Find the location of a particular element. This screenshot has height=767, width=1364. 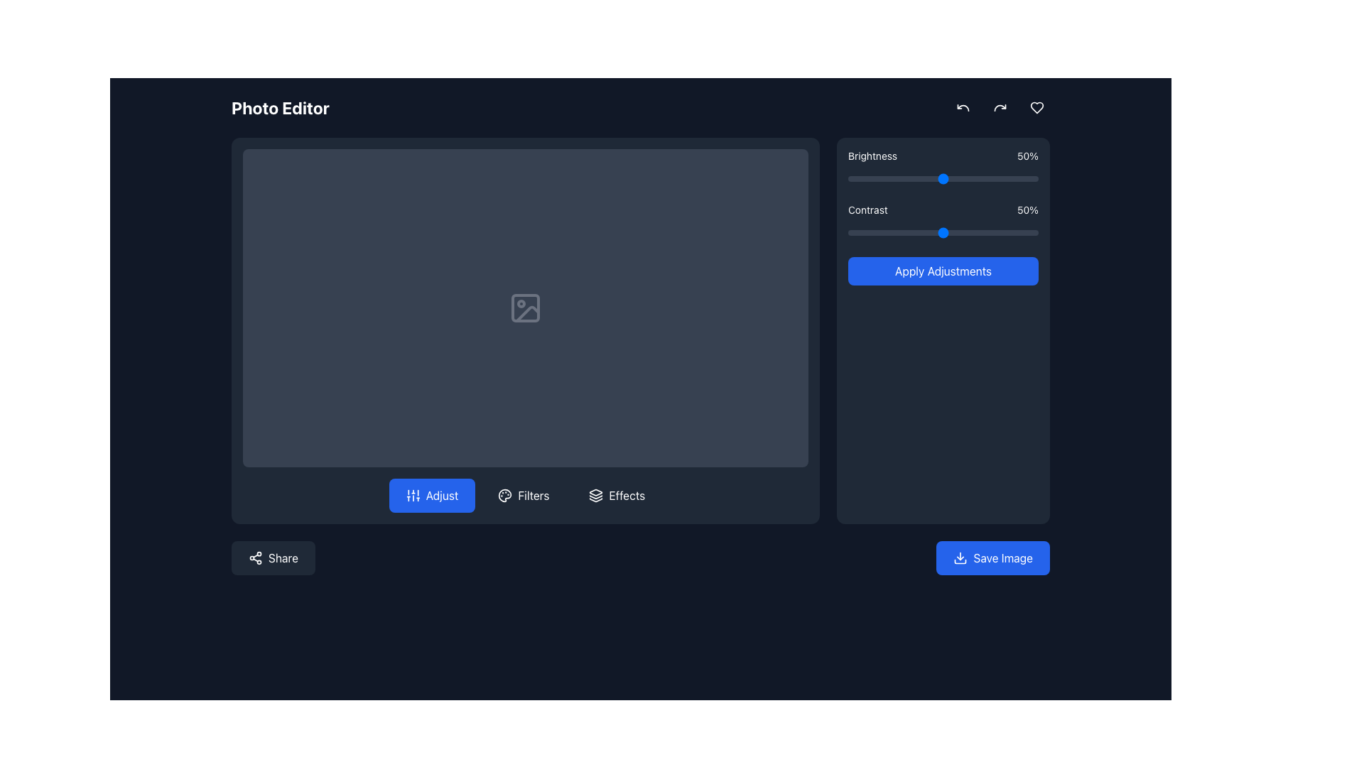

the rectangular button labeled 'Apply Adjustments' with a solid blue background, positioned below the Brightness and Contrast sliders in the right-hand panel is located at coordinates (943, 271).